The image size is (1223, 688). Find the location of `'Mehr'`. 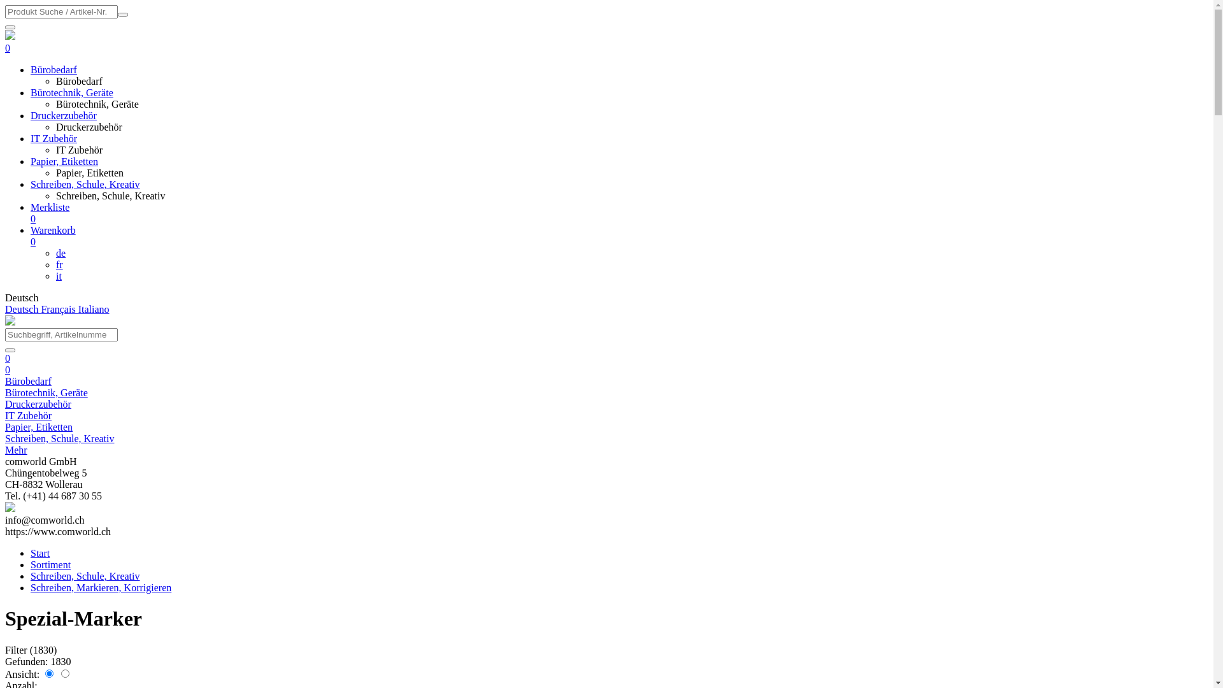

'Mehr' is located at coordinates (16, 449).